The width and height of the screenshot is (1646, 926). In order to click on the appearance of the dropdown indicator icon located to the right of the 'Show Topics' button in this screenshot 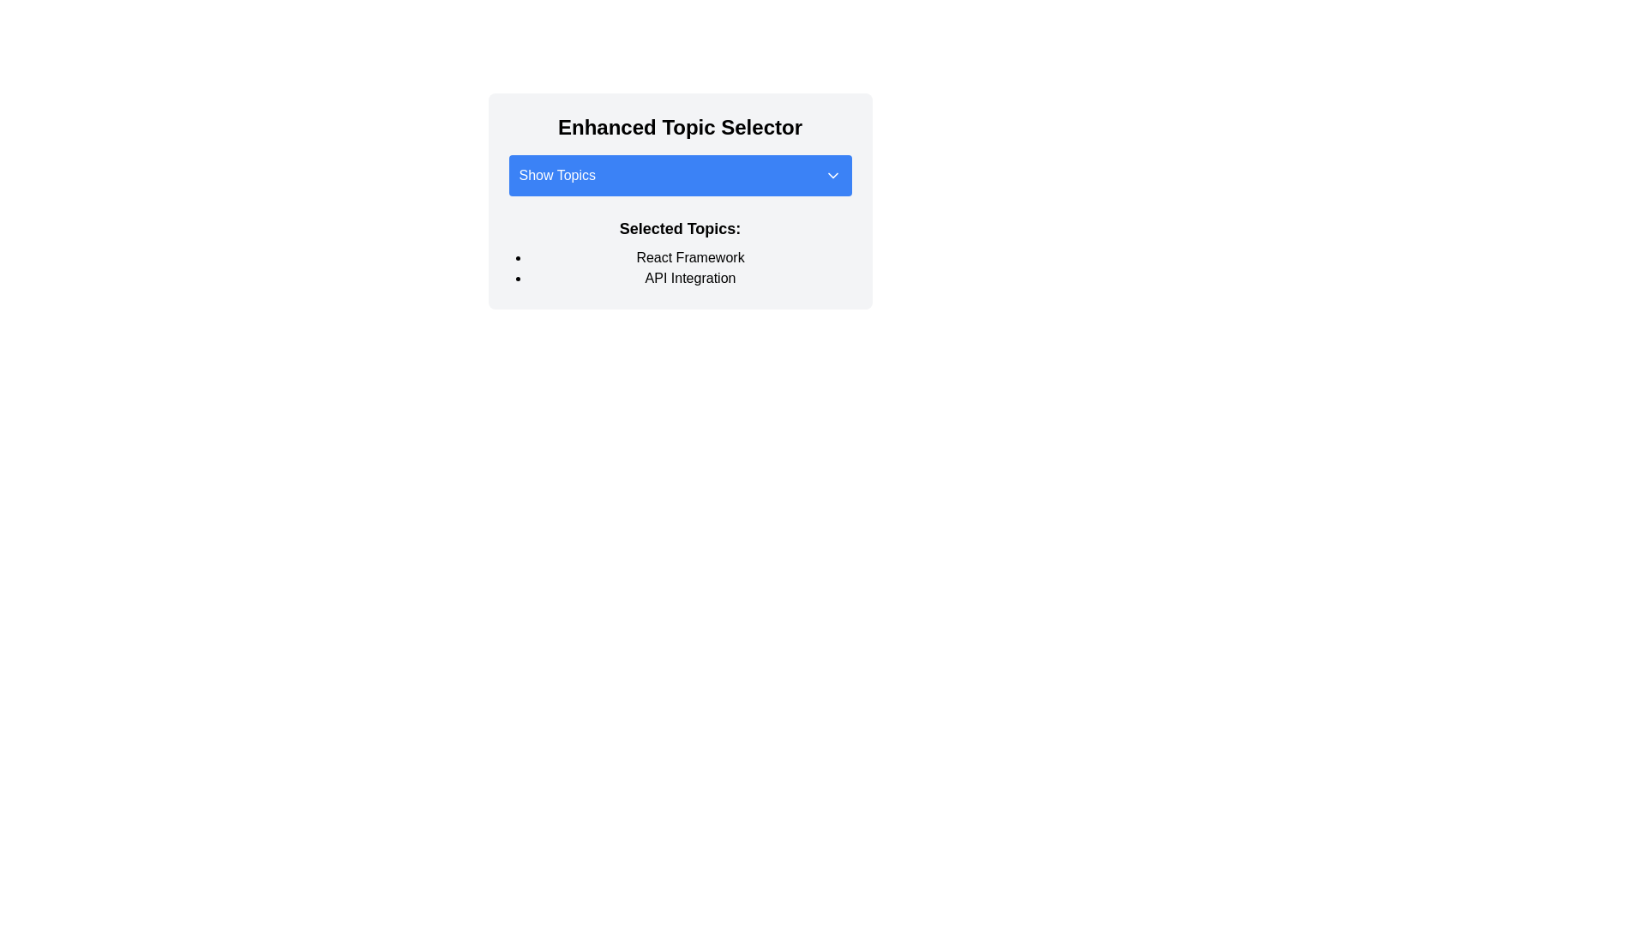, I will do `click(832, 175)`.